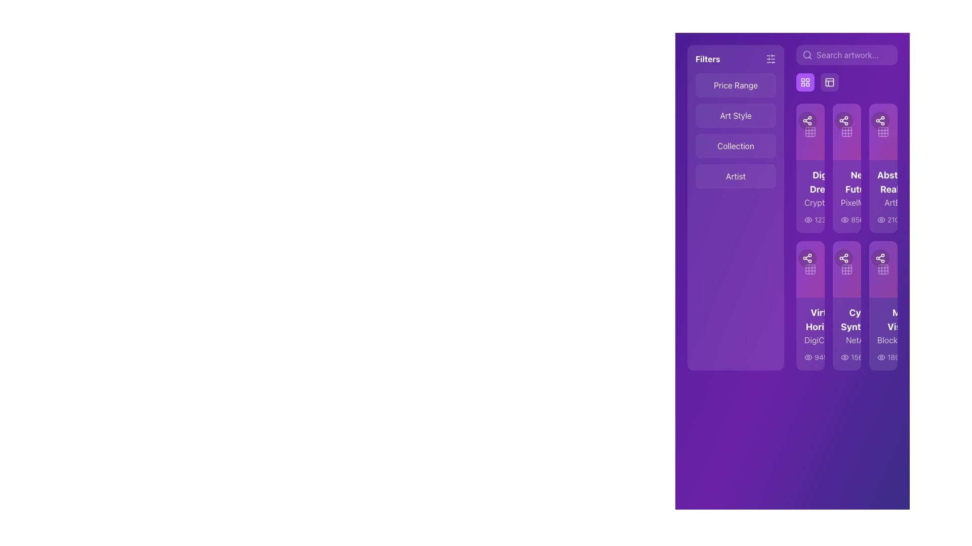 This screenshot has height=546, width=972. Describe the element at coordinates (850, 356) in the screenshot. I see `the interactive information button located at the bottom right corner of the fourth card in the second row of the grid layout` at that location.